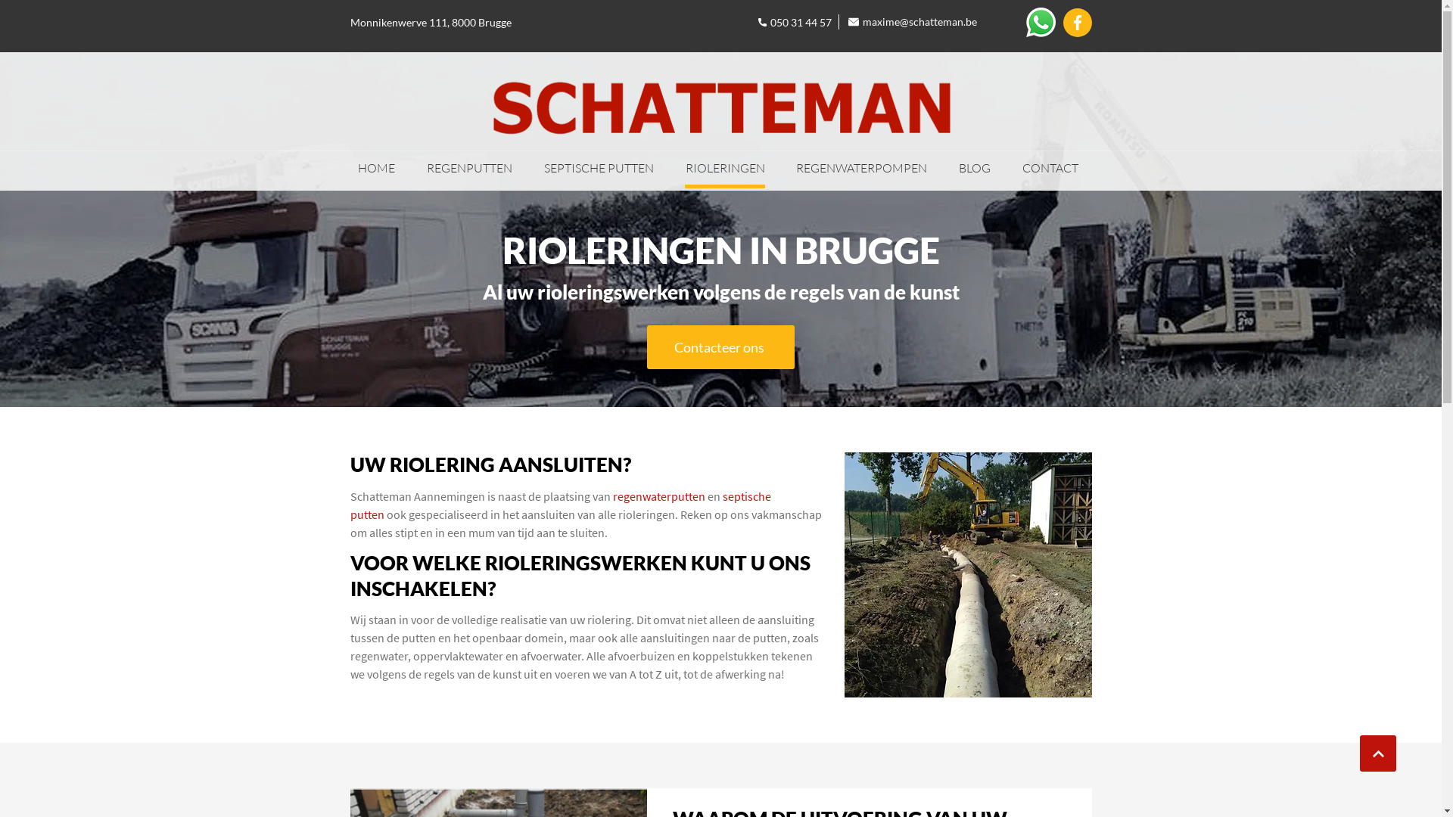 The image size is (1453, 817). I want to click on 'BLOG', so click(974, 169).